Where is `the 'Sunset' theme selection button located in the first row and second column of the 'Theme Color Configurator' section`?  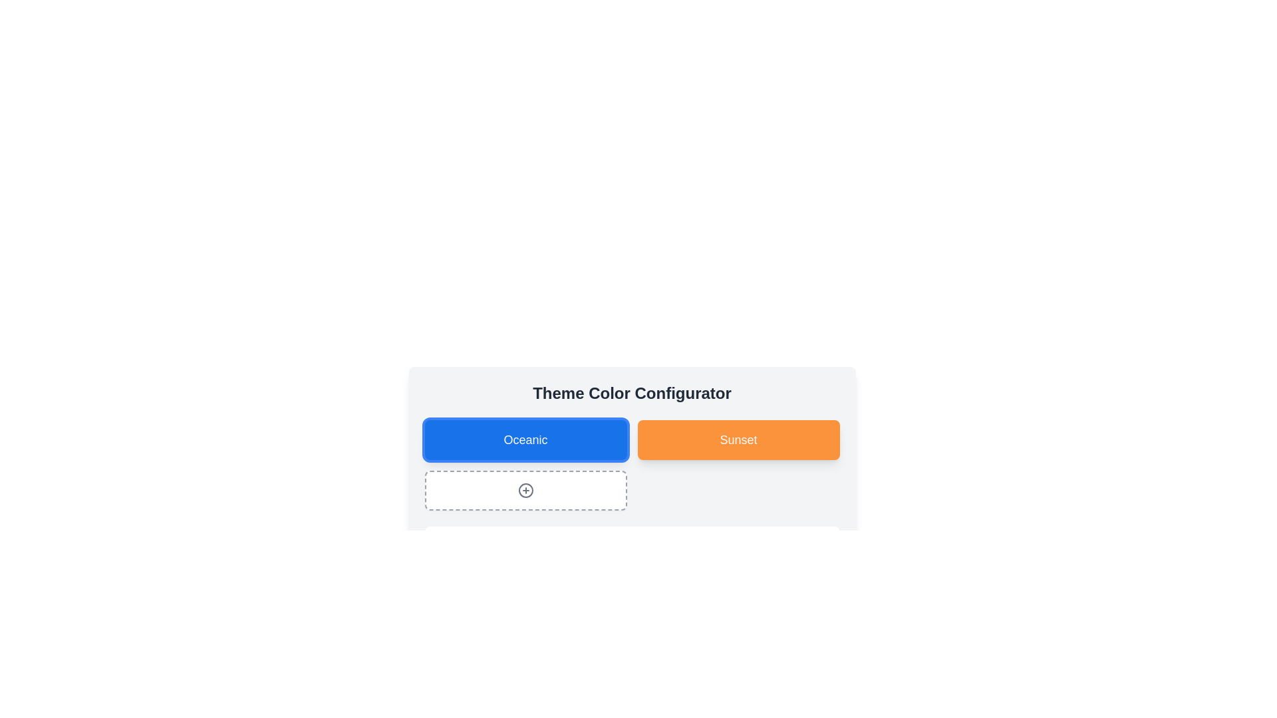
the 'Sunset' theme selection button located in the first row and second column of the 'Theme Color Configurator' section is located at coordinates (738, 440).